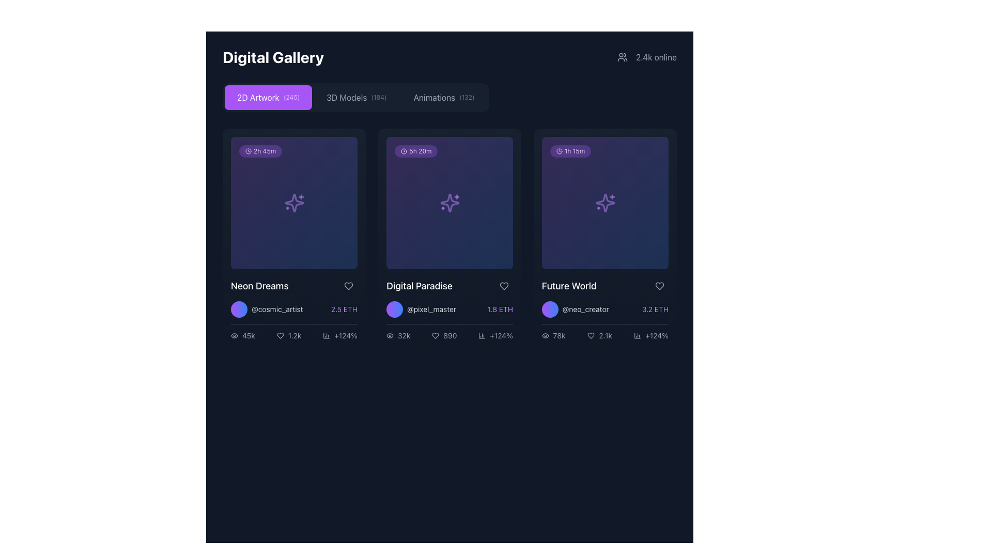 The image size is (992, 558). What do you see at coordinates (267, 308) in the screenshot?
I see `the username` at bounding box center [267, 308].